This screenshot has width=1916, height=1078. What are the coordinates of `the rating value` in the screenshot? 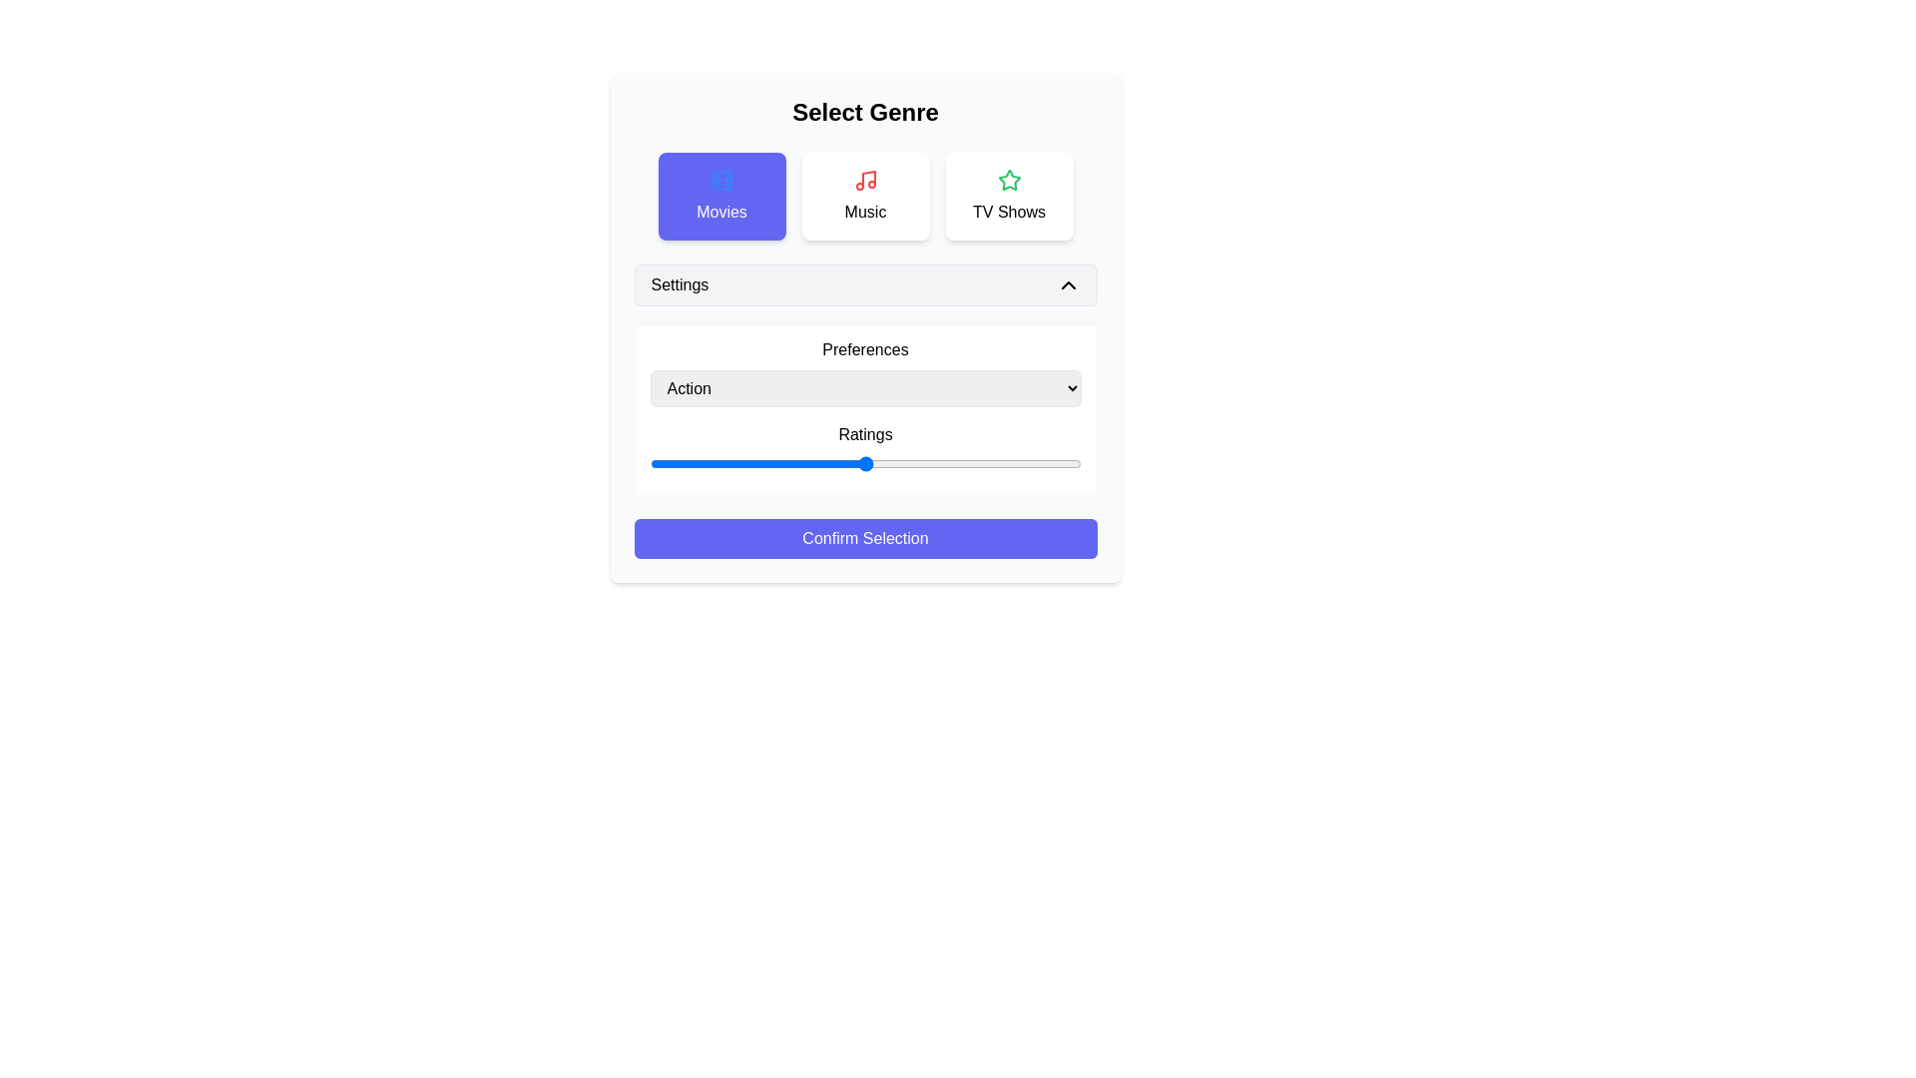 It's located at (982, 464).